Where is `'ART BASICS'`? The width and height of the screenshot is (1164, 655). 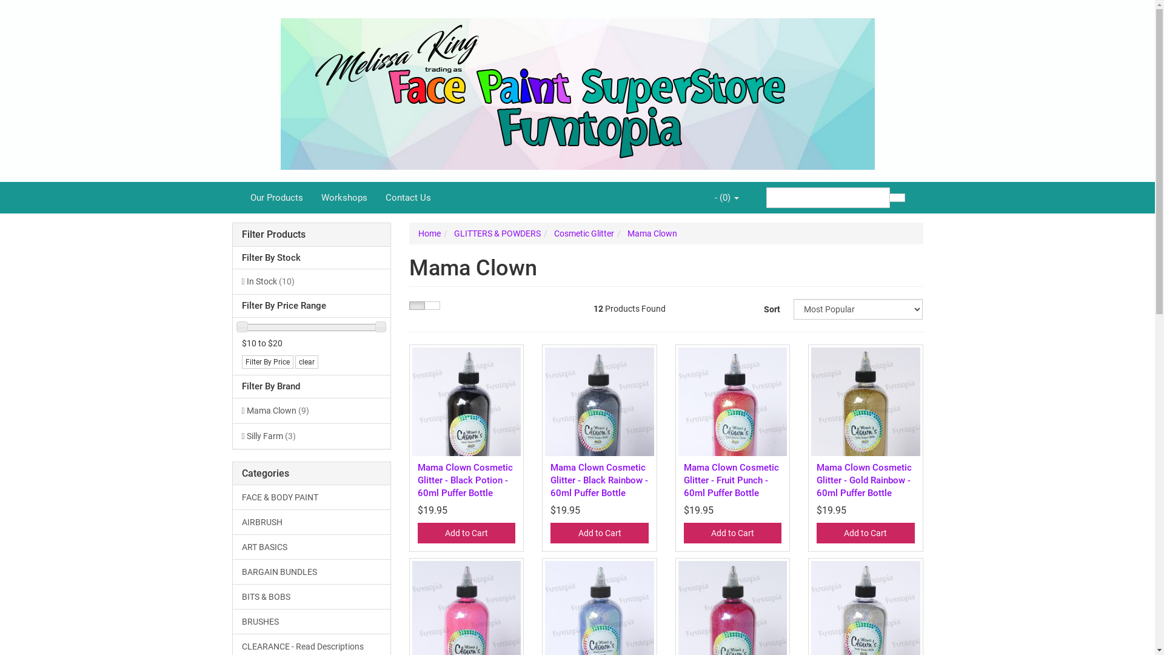
'ART BASICS' is located at coordinates (312, 547).